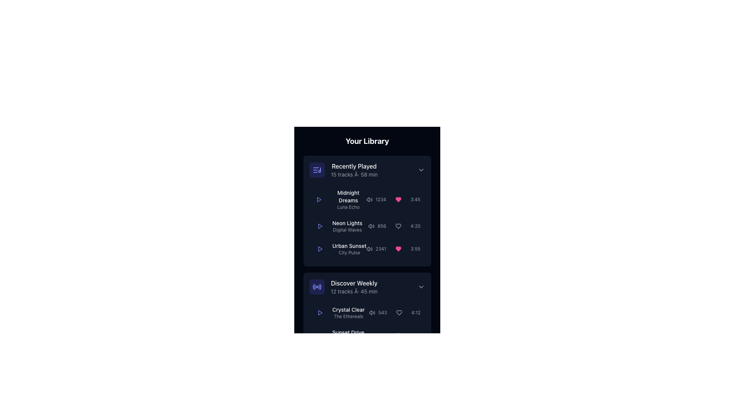 The image size is (730, 410). What do you see at coordinates (393, 249) in the screenshot?
I see `the pink heart icon located between '2341' and '3:55' in the 'Recently Played' section of the 'Urban Sunset' row` at bounding box center [393, 249].